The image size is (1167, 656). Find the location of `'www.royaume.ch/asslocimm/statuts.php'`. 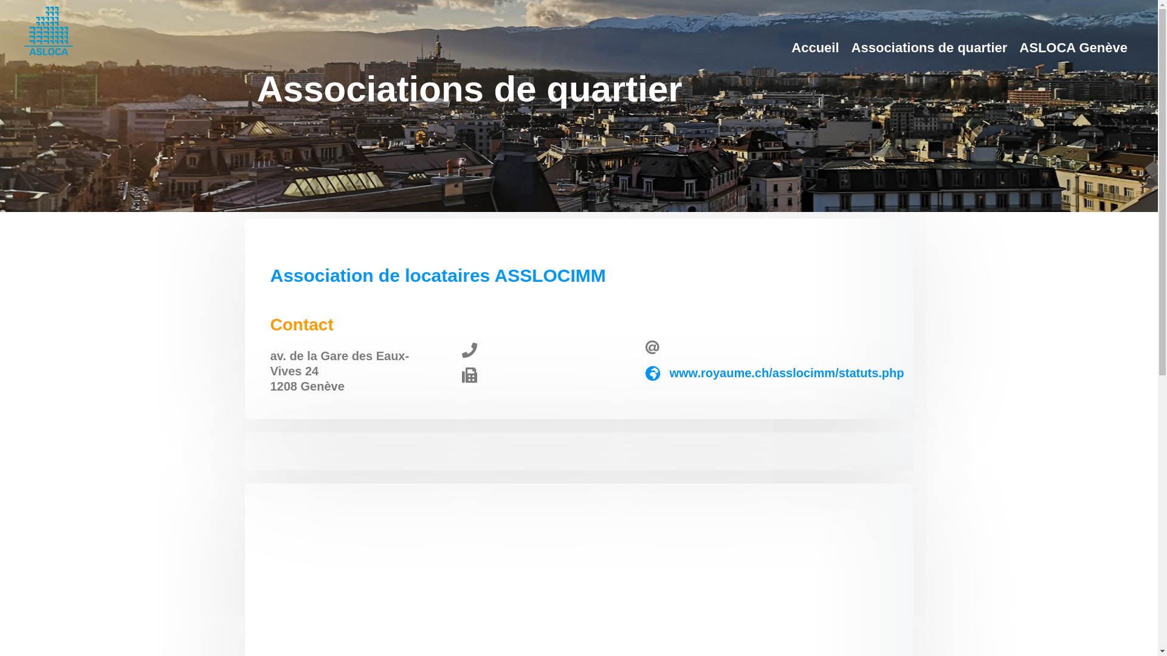

'www.royaume.ch/asslocimm/statuts.php' is located at coordinates (787, 372).